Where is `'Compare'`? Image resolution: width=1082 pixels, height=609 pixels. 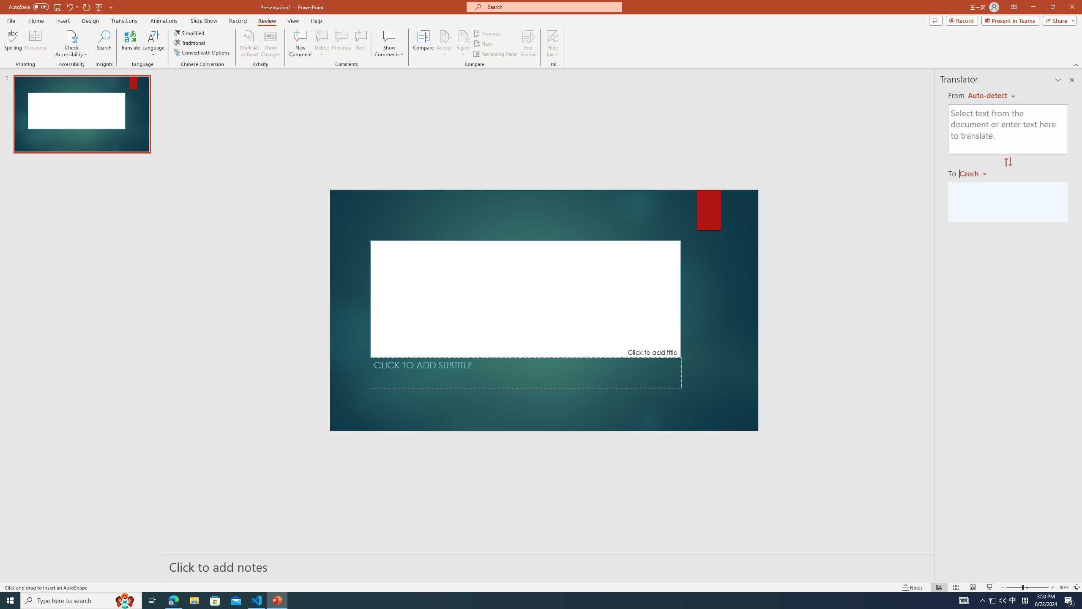 'Compare' is located at coordinates (424, 44).